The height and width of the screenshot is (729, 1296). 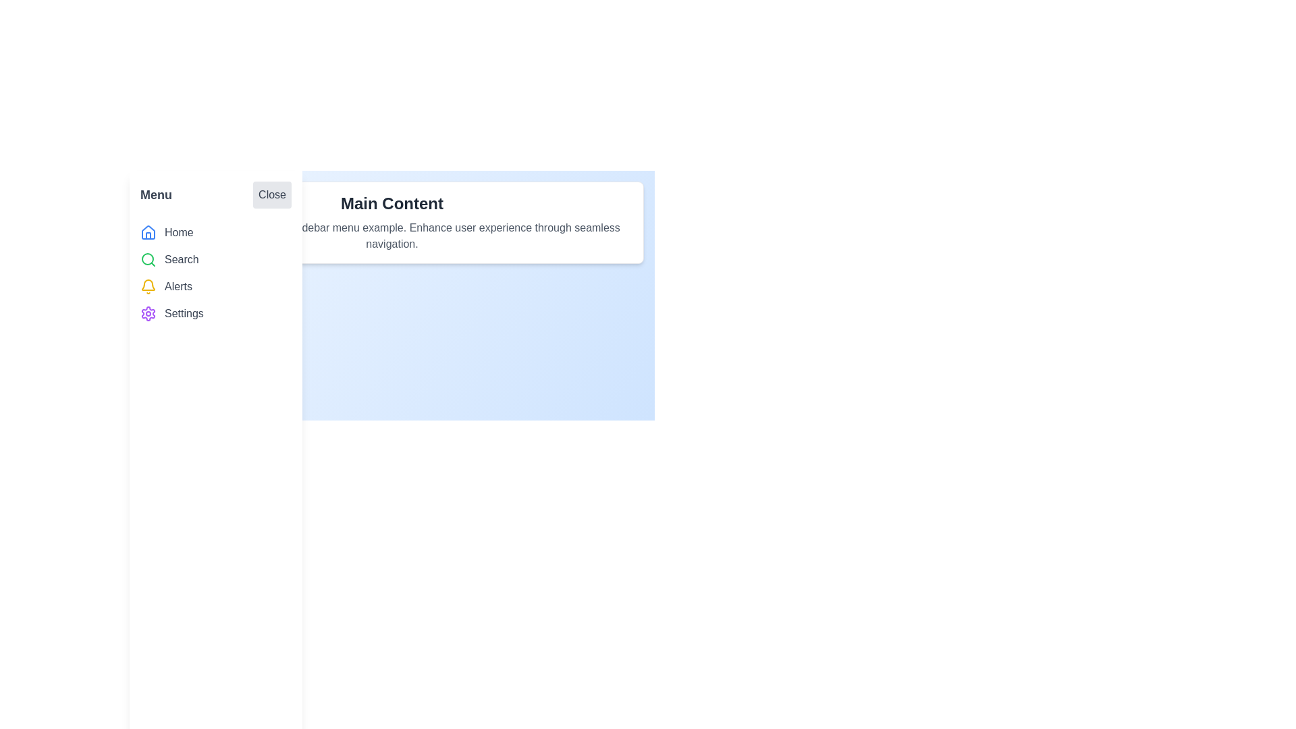 What do you see at coordinates (148, 286) in the screenshot?
I see `the yellow bell-shaped notification icon located in the vertical navigation menu to the left of the 'Alerts' label` at bounding box center [148, 286].